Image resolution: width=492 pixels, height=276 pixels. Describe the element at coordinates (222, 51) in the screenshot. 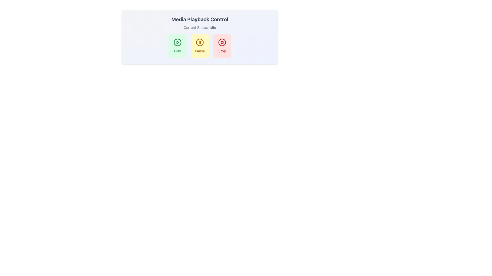

I see `the 'Stop' text label located at the bottom of the red card in the third column of a three-card grid` at that location.